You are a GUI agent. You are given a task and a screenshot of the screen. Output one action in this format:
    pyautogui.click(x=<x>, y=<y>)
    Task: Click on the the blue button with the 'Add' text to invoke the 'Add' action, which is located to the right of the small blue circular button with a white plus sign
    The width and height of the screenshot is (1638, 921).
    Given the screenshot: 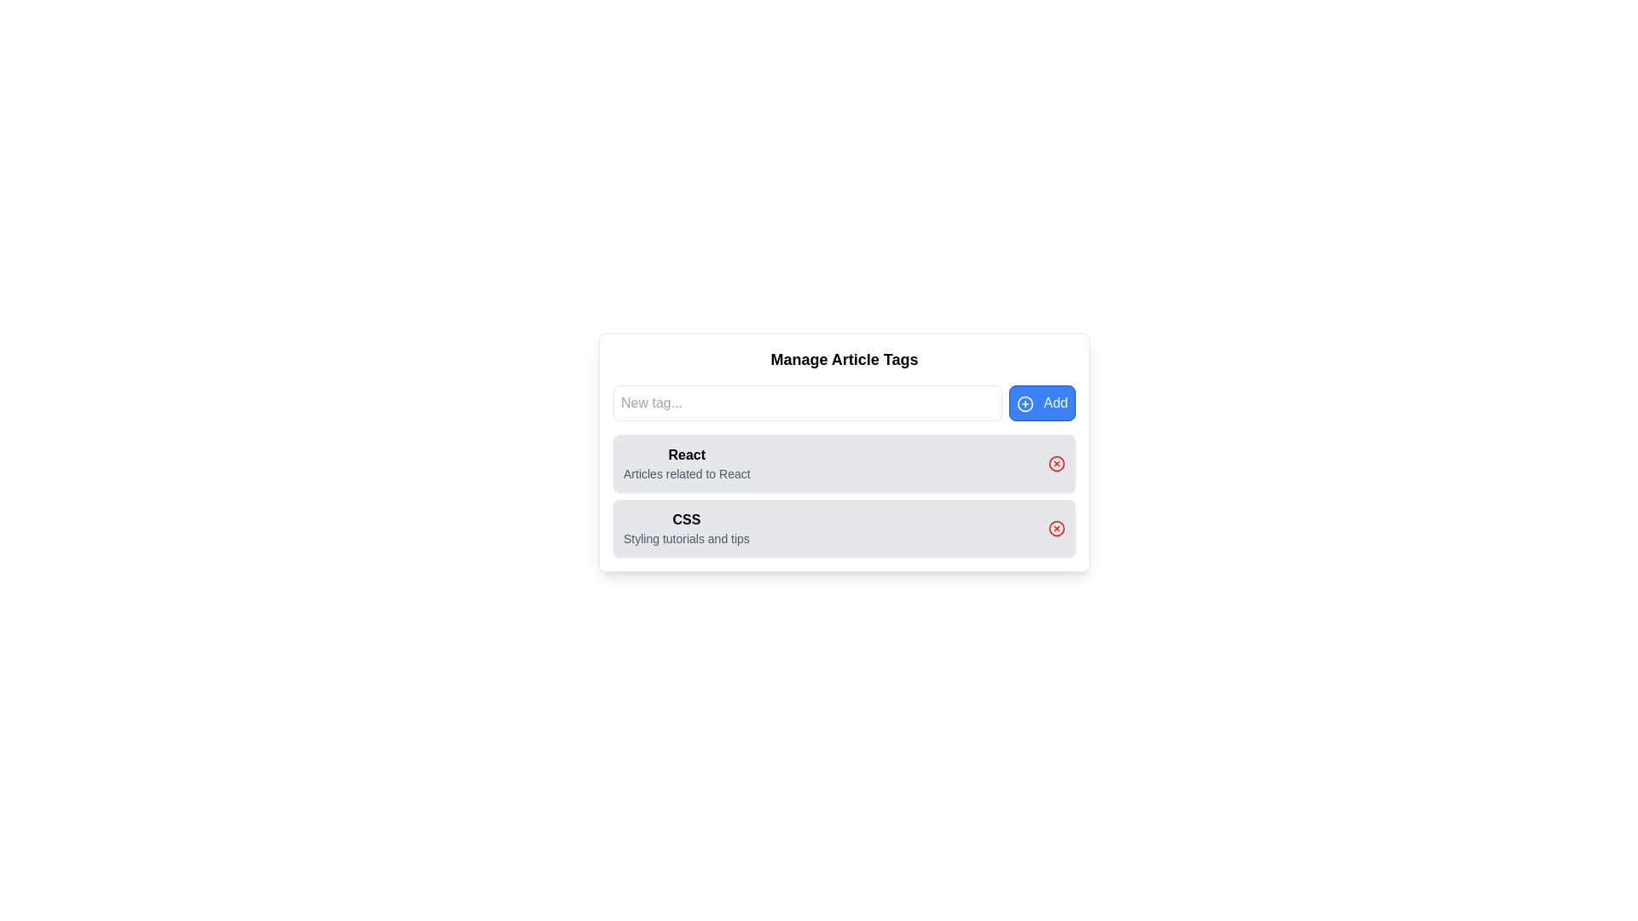 What is the action you would take?
    pyautogui.click(x=1024, y=403)
    